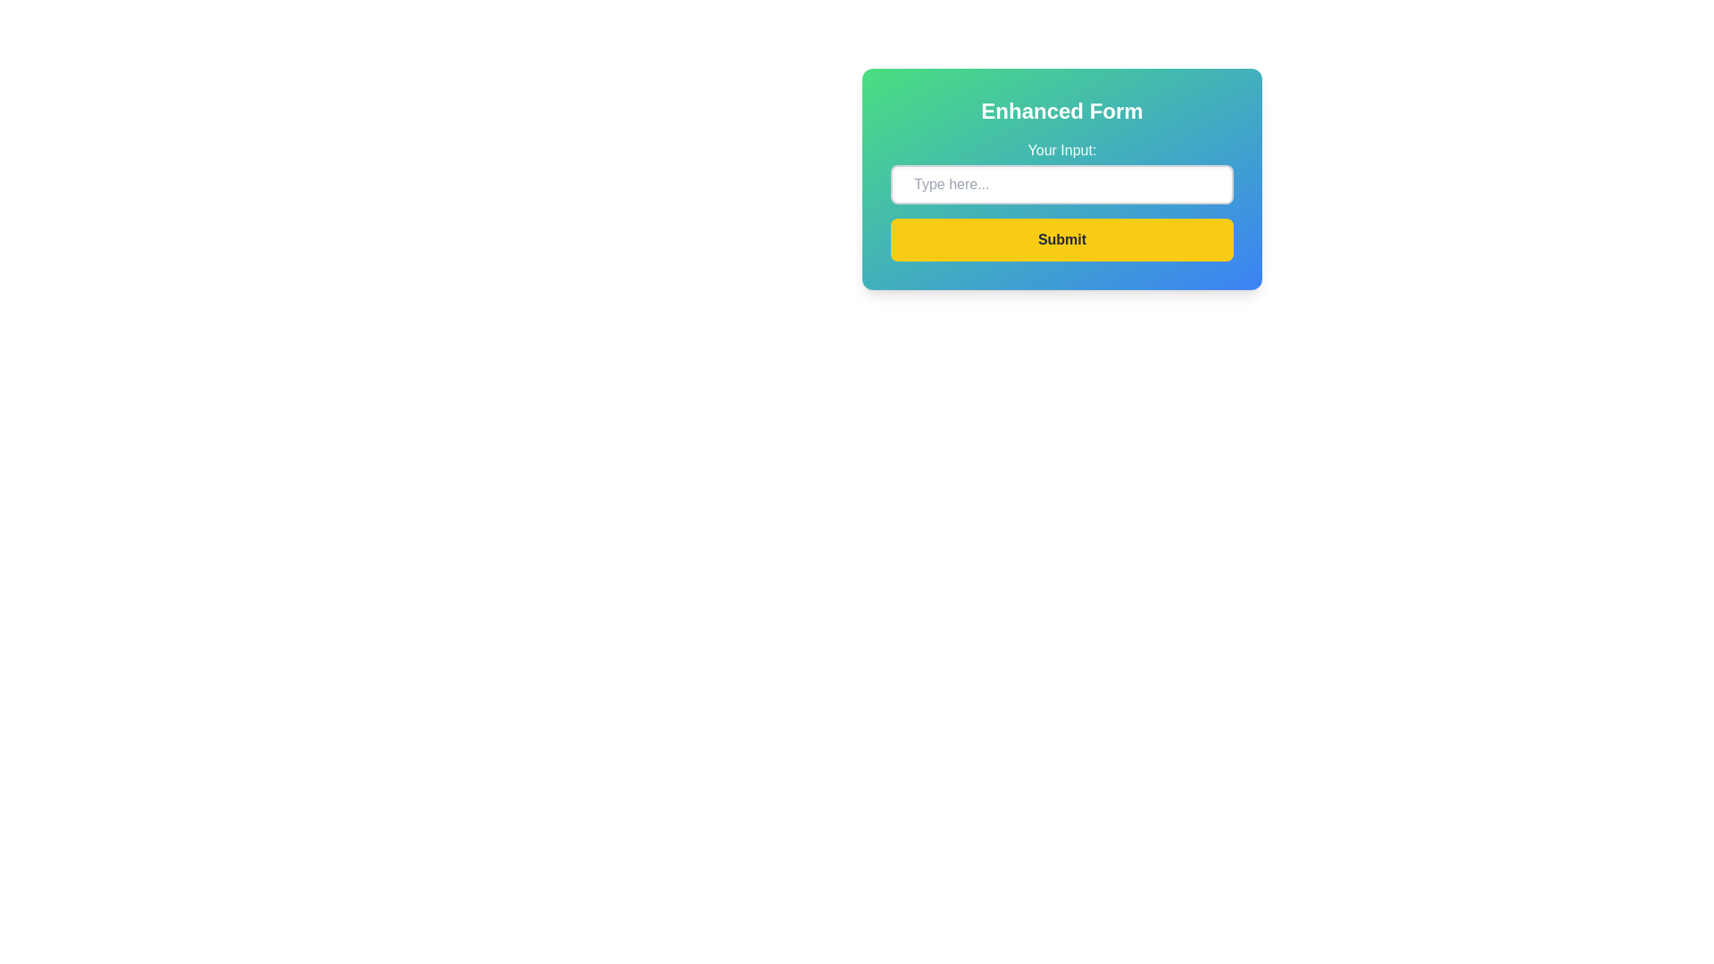 This screenshot has height=964, width=1714. I want to click on the 'Submit' button with a bright yellow background and bold dark gray text, so click(1062, 239).